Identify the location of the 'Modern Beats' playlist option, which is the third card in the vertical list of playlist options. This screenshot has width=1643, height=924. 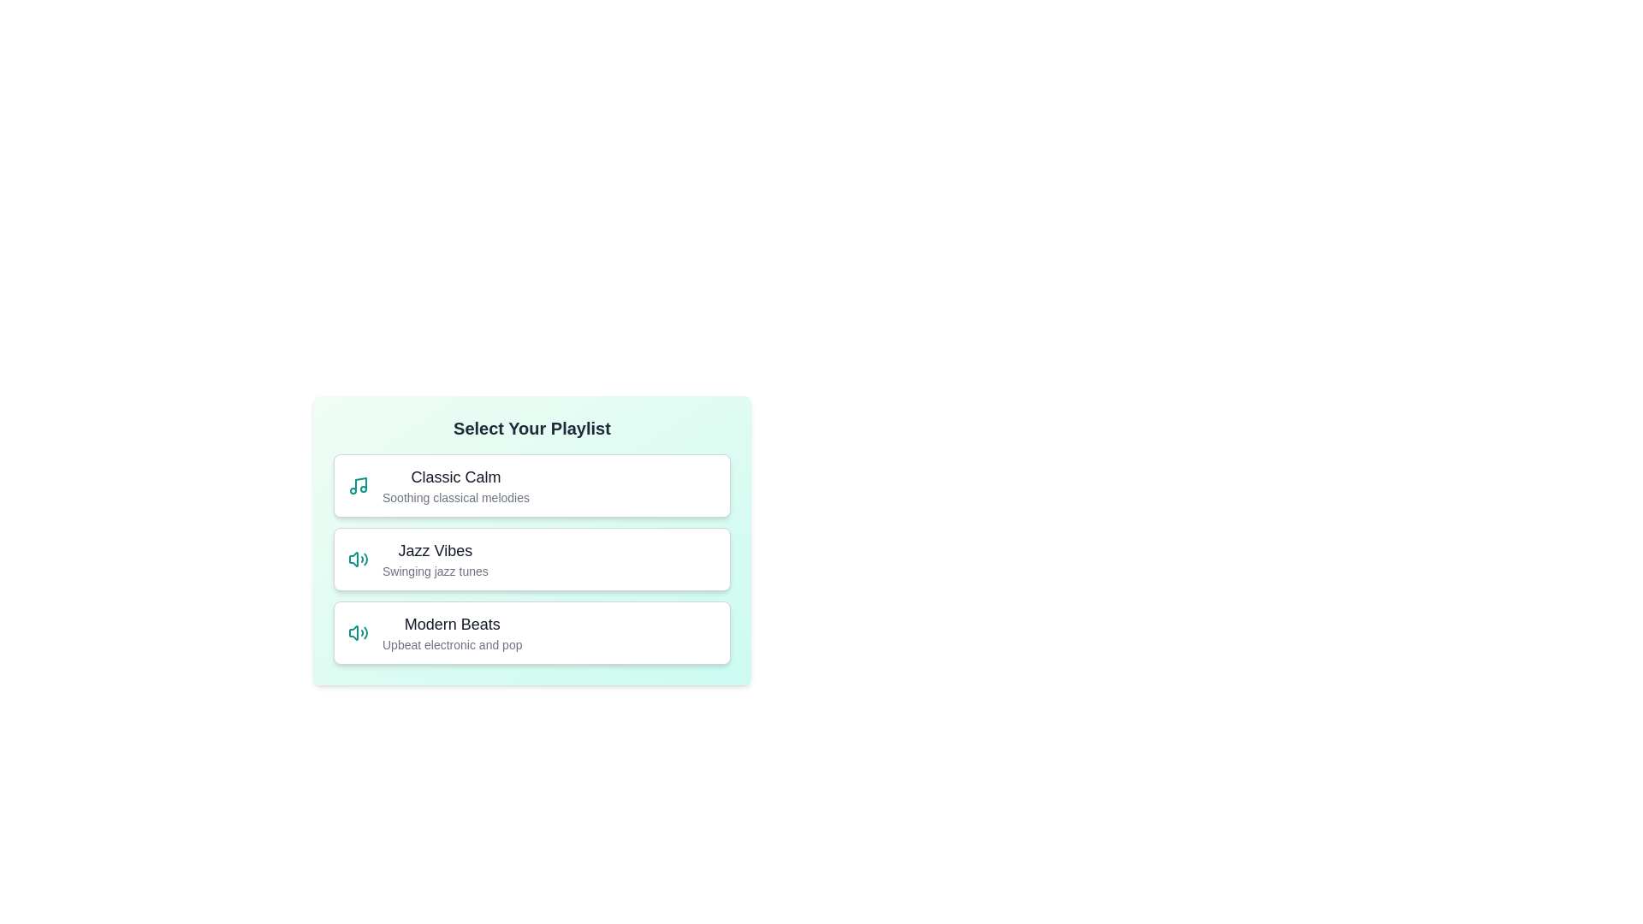
(531, 633).